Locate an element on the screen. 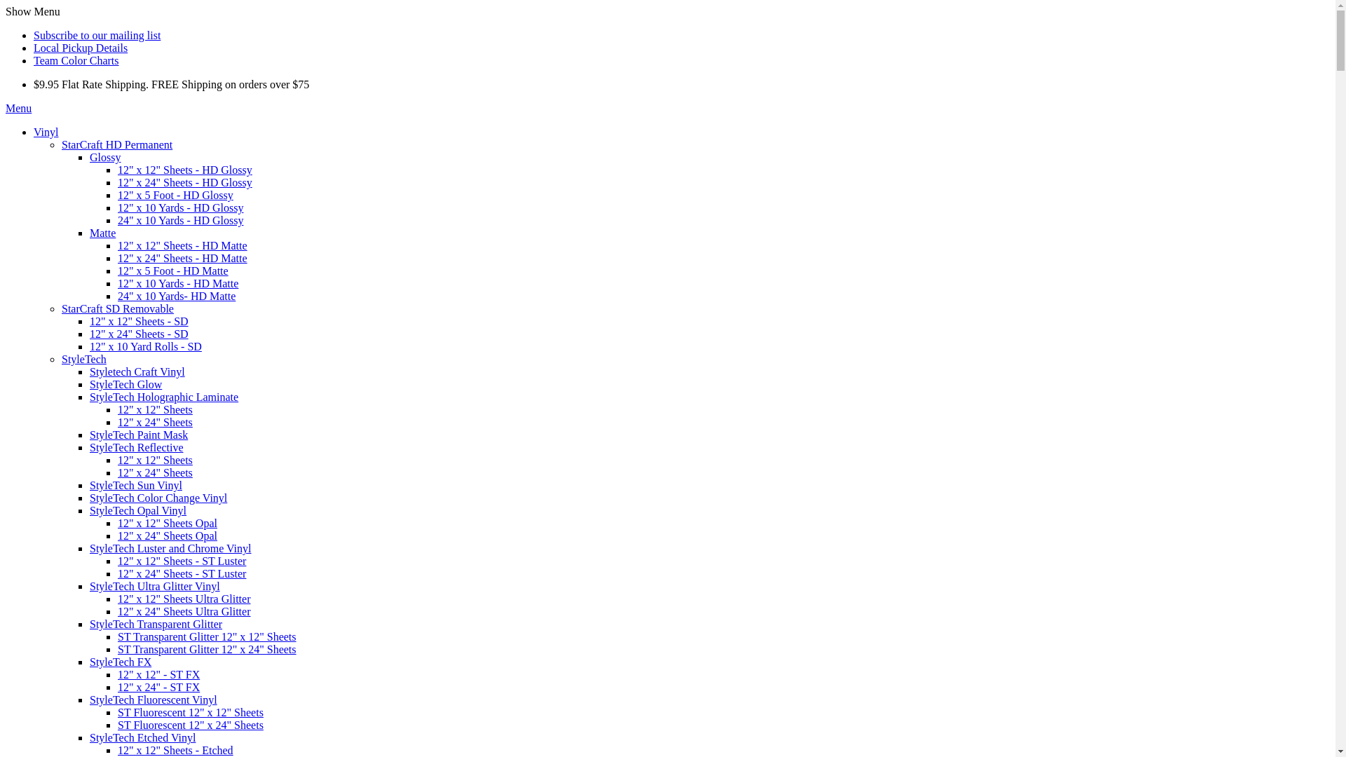 Image resolution: width=1346 pixels, height=757 pixels. '12" x 24" Sheets - HD Glossy' is located at coordinates (184, 182).